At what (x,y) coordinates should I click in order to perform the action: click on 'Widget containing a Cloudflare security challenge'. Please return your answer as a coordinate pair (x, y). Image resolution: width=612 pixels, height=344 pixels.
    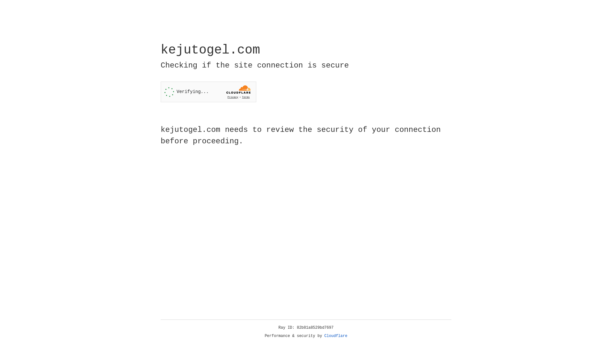
    Looking at the image, I should click on (208, 92).